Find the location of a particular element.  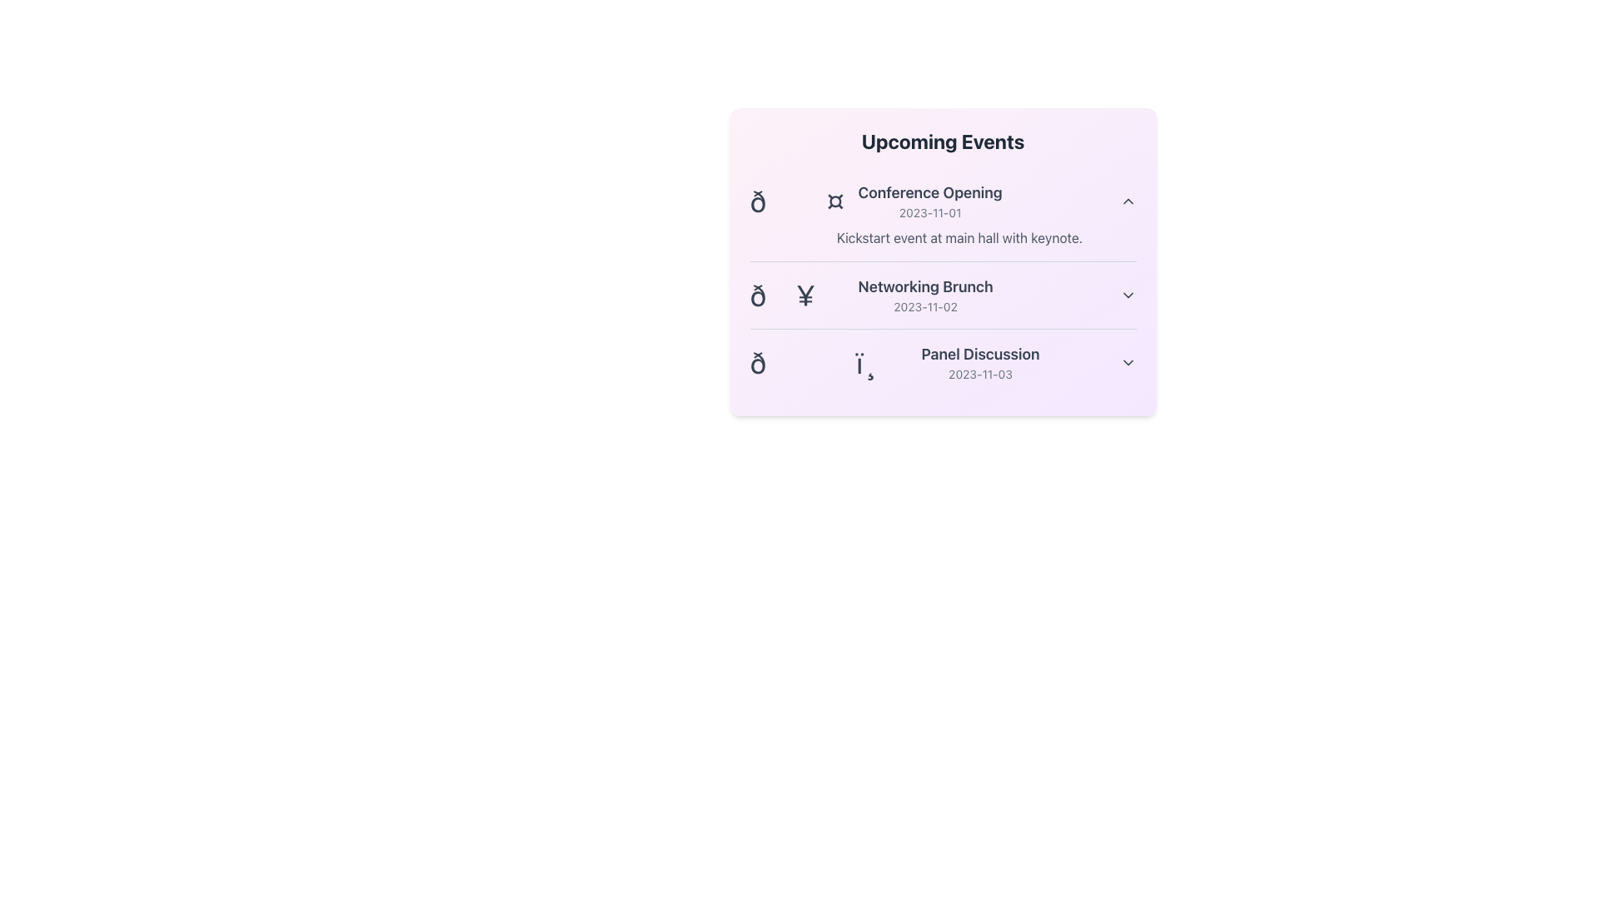

date of the 'Conference Opening' event, which is displayed as a two-line text block under the 'Upcoming Events' header, positioned in the second column of the event list is located at coordinates (929, 201).